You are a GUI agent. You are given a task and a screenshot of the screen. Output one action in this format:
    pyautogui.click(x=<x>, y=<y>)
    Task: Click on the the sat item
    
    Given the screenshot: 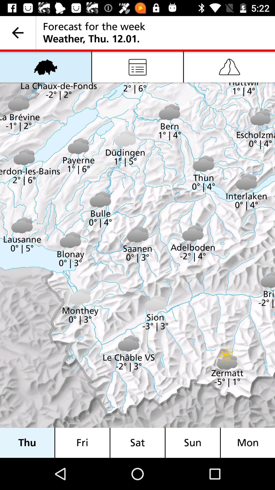 What is the action you would take?
    pyautogui.click(x=137, y=443)
    